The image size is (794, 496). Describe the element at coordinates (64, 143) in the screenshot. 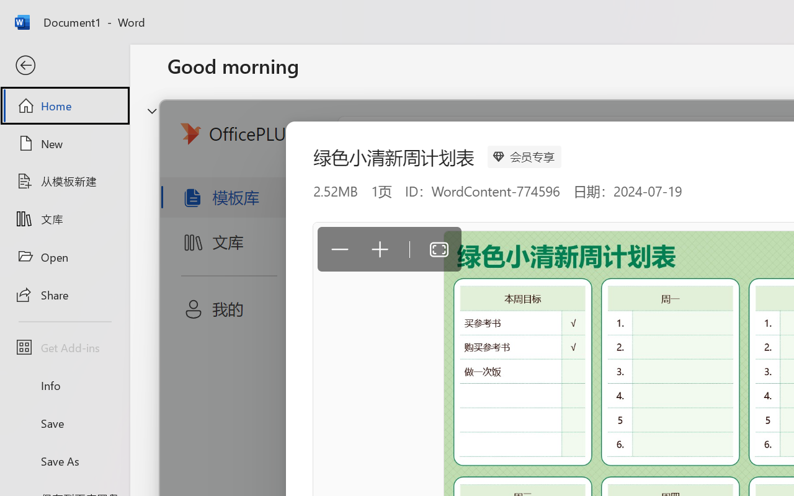

I see `'New'` at that location.